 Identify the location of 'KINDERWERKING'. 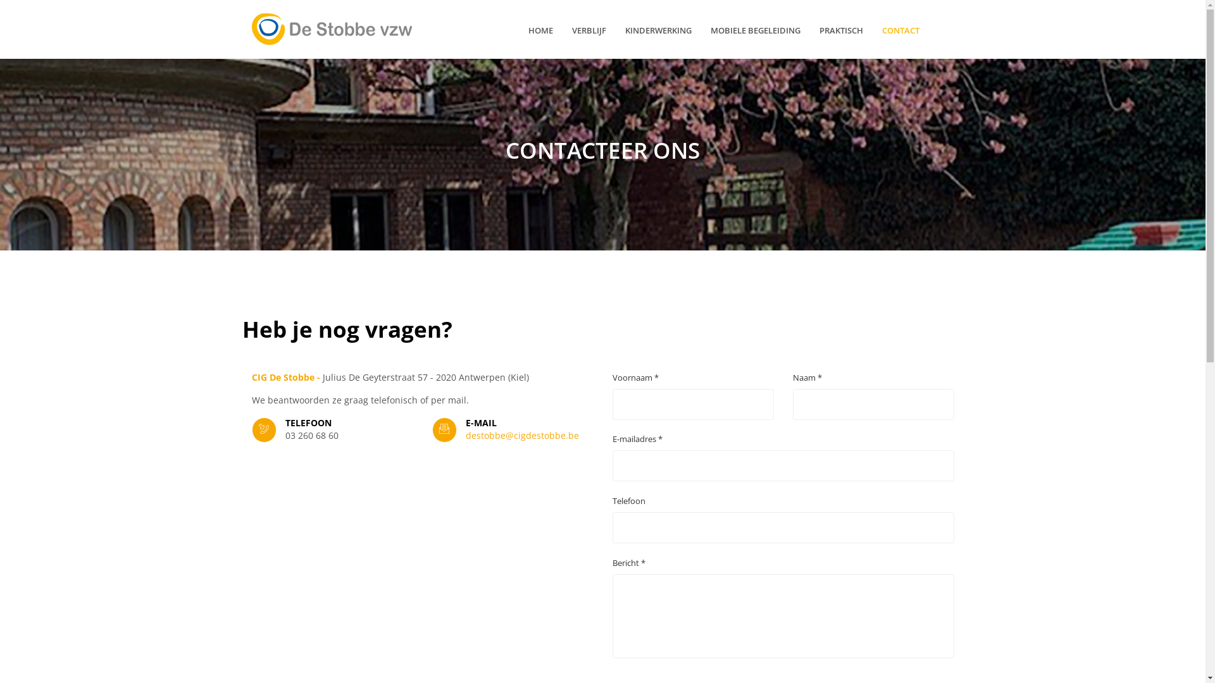
(625, 30).